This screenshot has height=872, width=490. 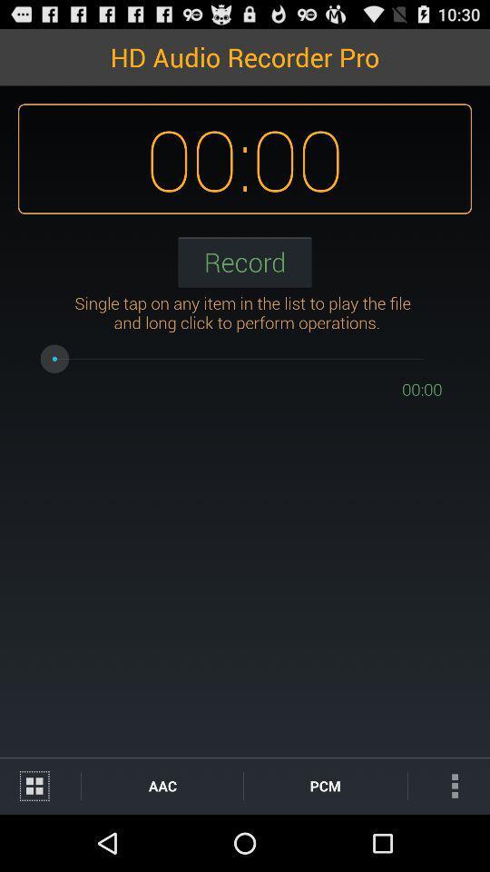 What do you see at coordinates (40, 785) in the screenshot?
I see `icon next to the aac item` at bounding box center [40, 785].